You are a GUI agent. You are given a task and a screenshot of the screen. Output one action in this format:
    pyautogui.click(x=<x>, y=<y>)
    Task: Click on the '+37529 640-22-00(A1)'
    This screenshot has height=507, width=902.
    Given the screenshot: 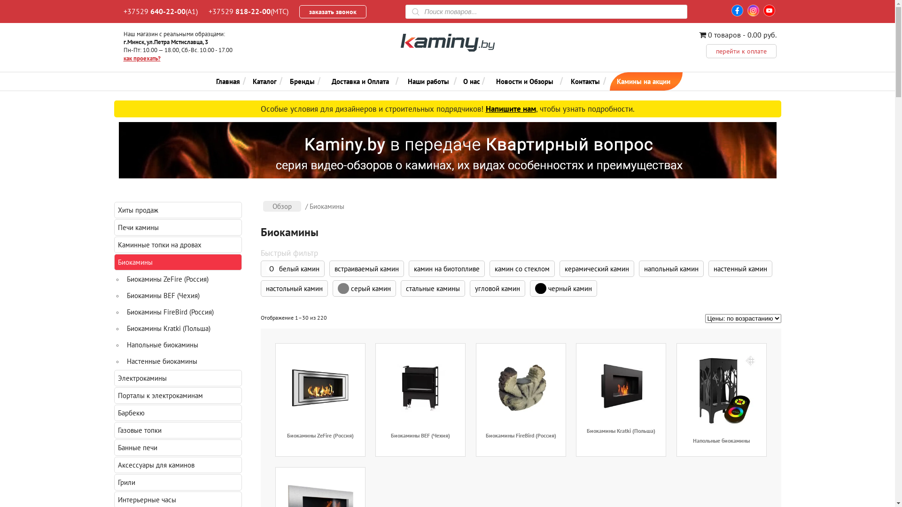 What is the action you would take?
    pyautogui.click(x=160, y=11)
    